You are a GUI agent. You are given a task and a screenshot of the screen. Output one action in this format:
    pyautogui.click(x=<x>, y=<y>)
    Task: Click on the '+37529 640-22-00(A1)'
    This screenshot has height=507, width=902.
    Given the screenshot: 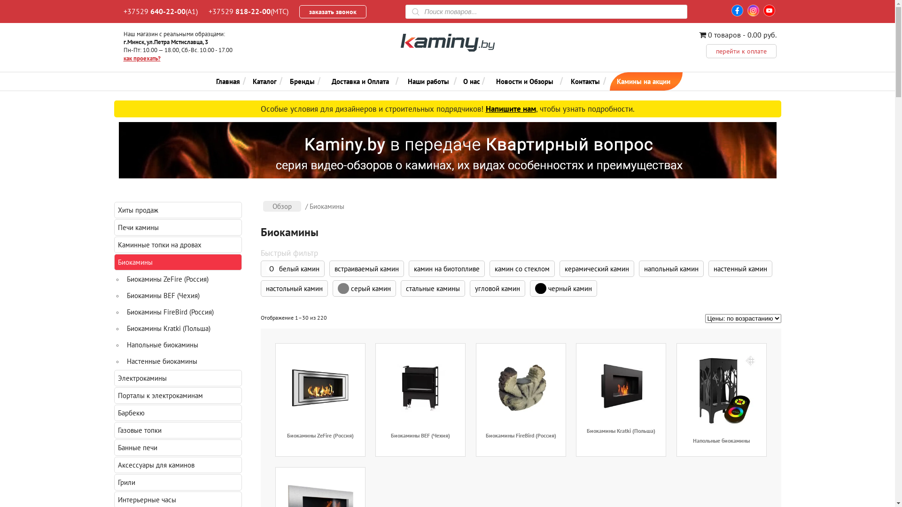 What is the action you would take?
    pyautogui.click(x=160, y=11)
    